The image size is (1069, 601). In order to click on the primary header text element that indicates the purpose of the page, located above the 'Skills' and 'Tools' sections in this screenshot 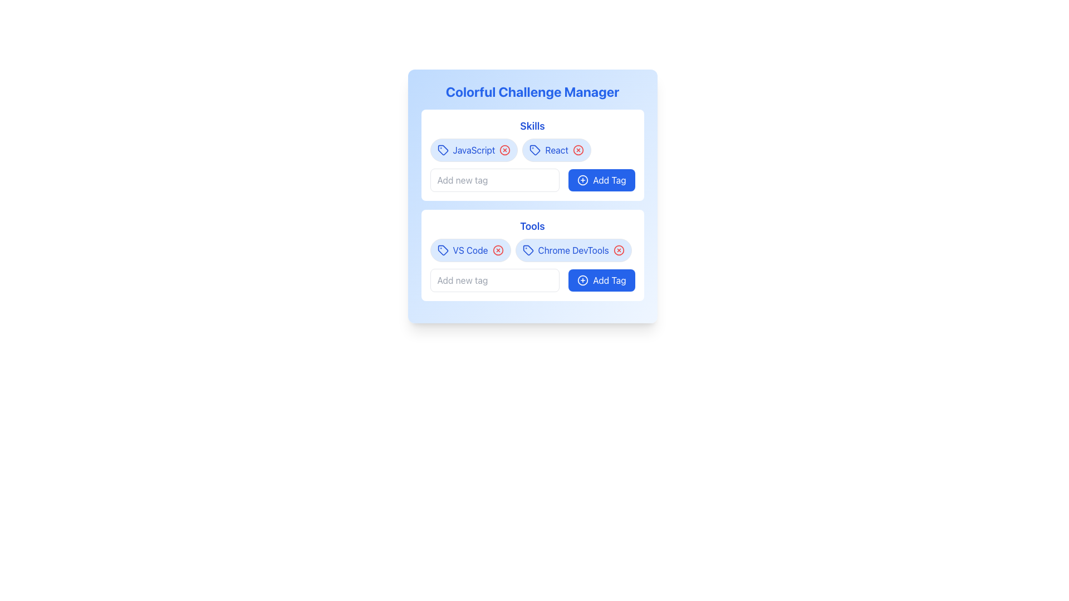, I will do `click(532, 91)`.